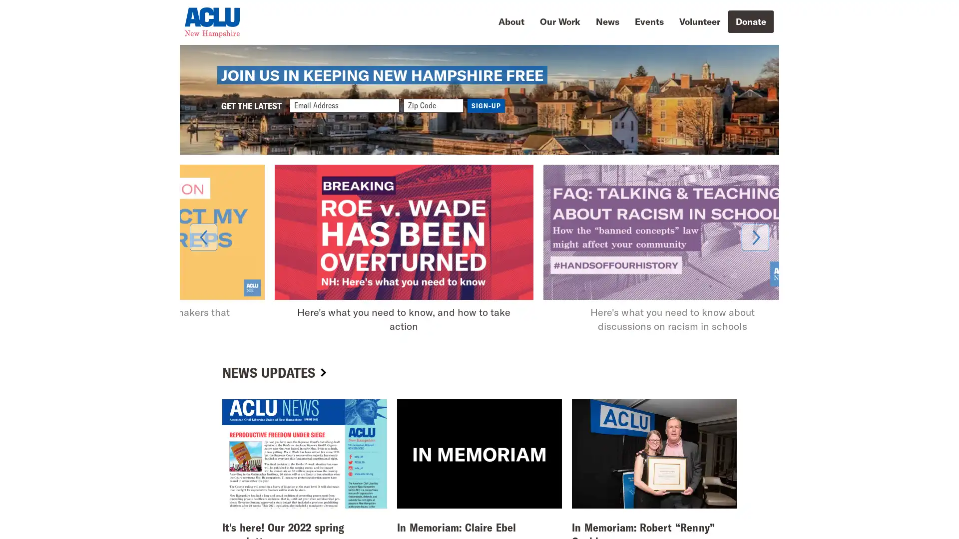 Image resolution: width=959 pixels, height=539 pixels. I want to click on SHOW NEXT STORIES, so click(755, 275).